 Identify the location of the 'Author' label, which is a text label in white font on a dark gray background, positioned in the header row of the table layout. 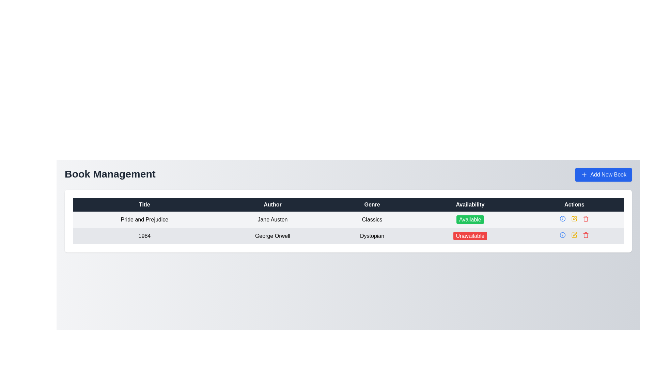
(272, 204).